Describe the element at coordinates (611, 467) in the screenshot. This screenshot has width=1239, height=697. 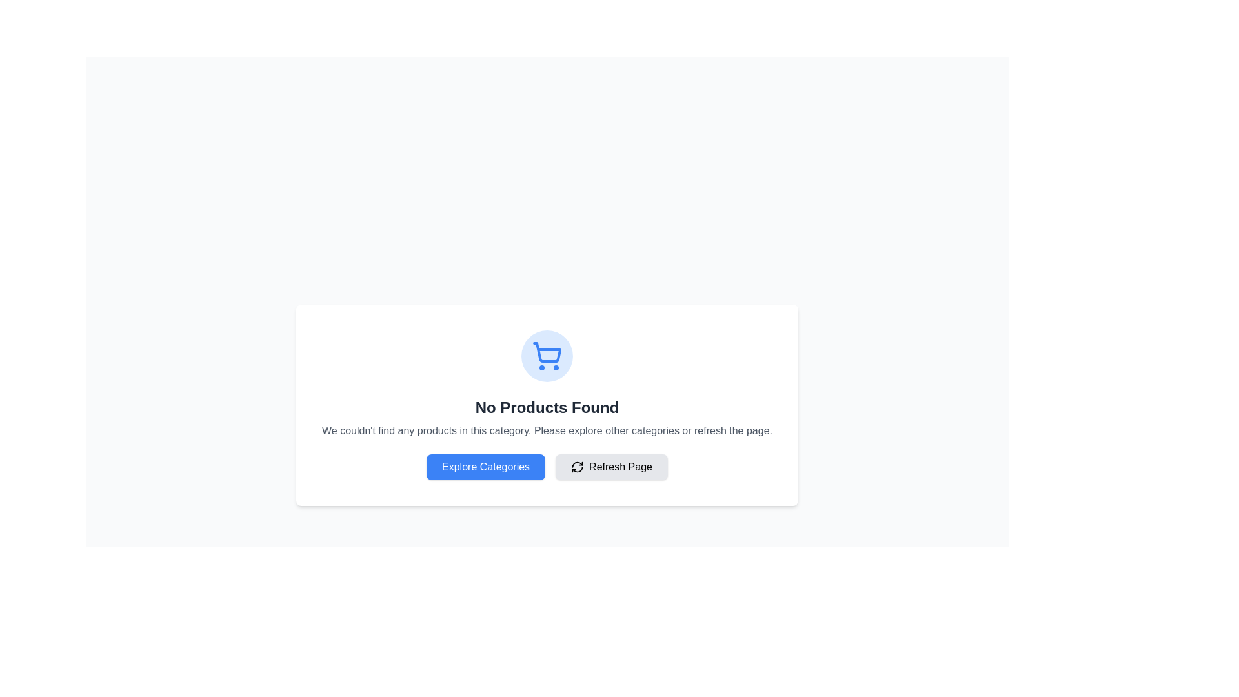
I see `the refresh button located near the center of the interface, slightly to the right of the middle, which is the second button on the bottom bar beneath the 'No Products Found' message` at that location.